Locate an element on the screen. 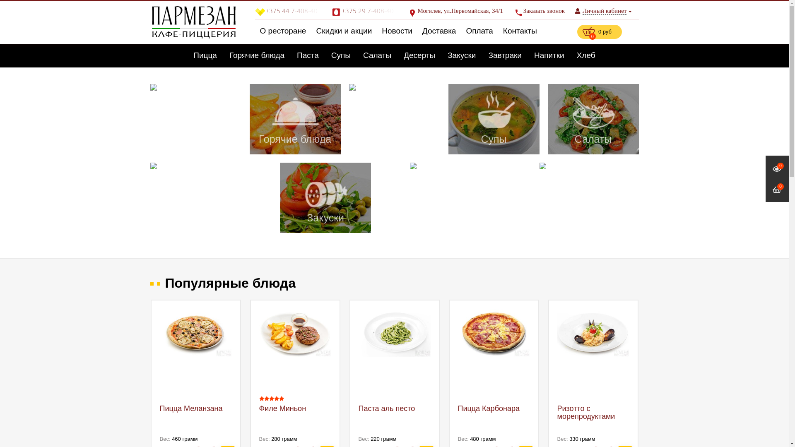  '+375 44 7-408-40' is located at coordinates (254, 11).